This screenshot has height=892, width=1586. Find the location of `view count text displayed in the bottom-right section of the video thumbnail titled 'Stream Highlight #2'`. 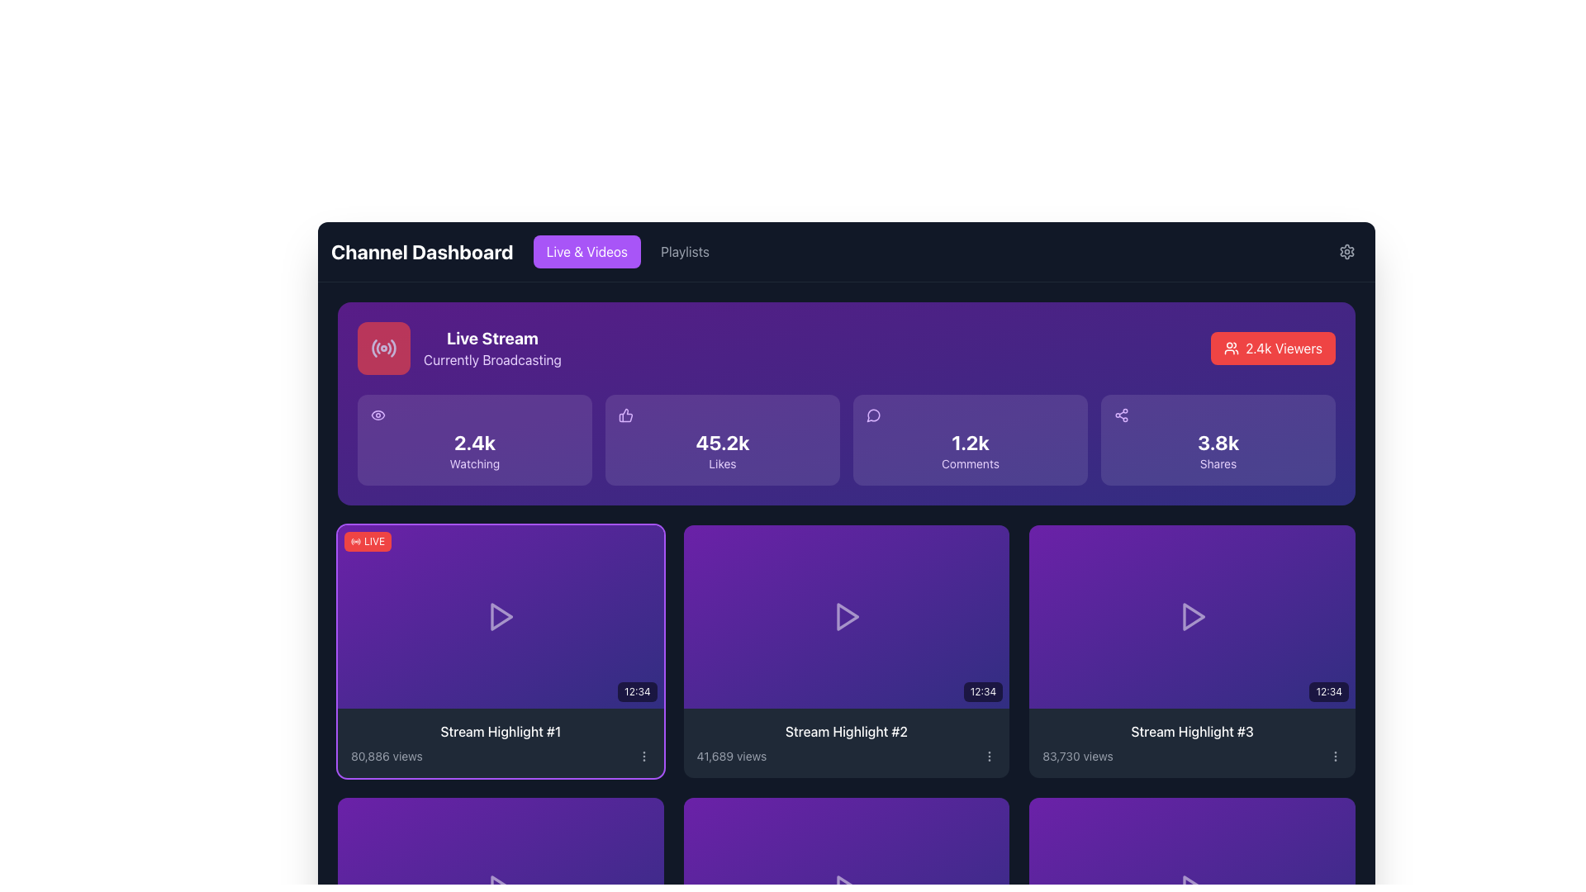

view count text displayed in the bottom-right section of the video thumbnail titled 'Stream Highlight #2' is located at coordinates (730, 756).